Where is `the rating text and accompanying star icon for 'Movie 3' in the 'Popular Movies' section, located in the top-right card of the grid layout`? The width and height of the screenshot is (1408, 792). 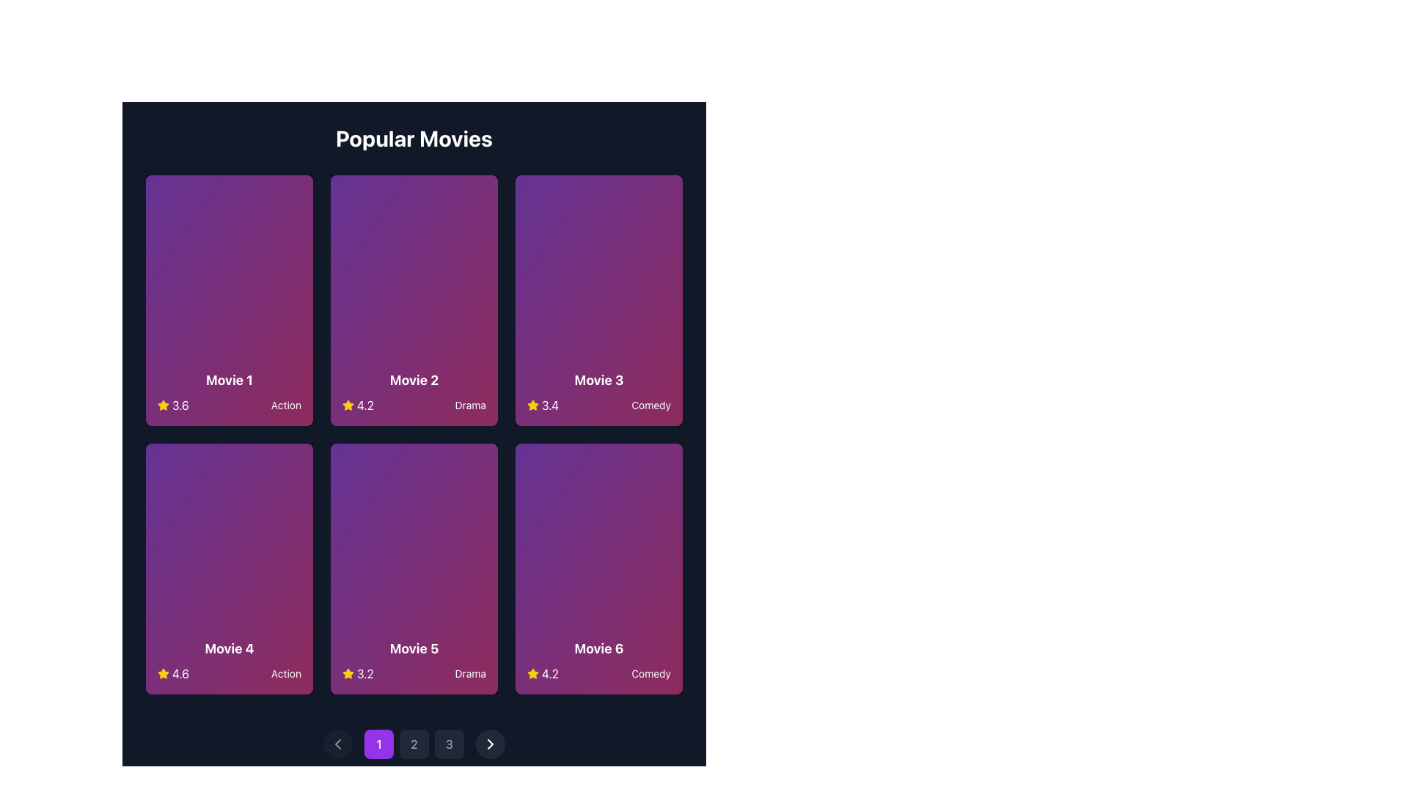
the rating text and accompanying star icon for 'Movie 3' in the 'Popular Movies' section, located in the top-right card of the grid layout is located at coordinates (542, 405).